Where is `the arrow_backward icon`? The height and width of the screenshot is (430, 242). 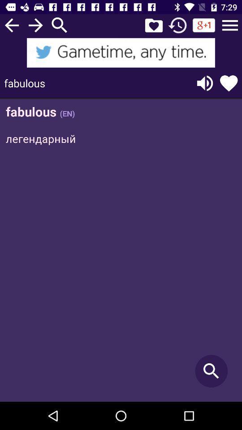 the arrow_backward icon is located at coordinates (11, 25).